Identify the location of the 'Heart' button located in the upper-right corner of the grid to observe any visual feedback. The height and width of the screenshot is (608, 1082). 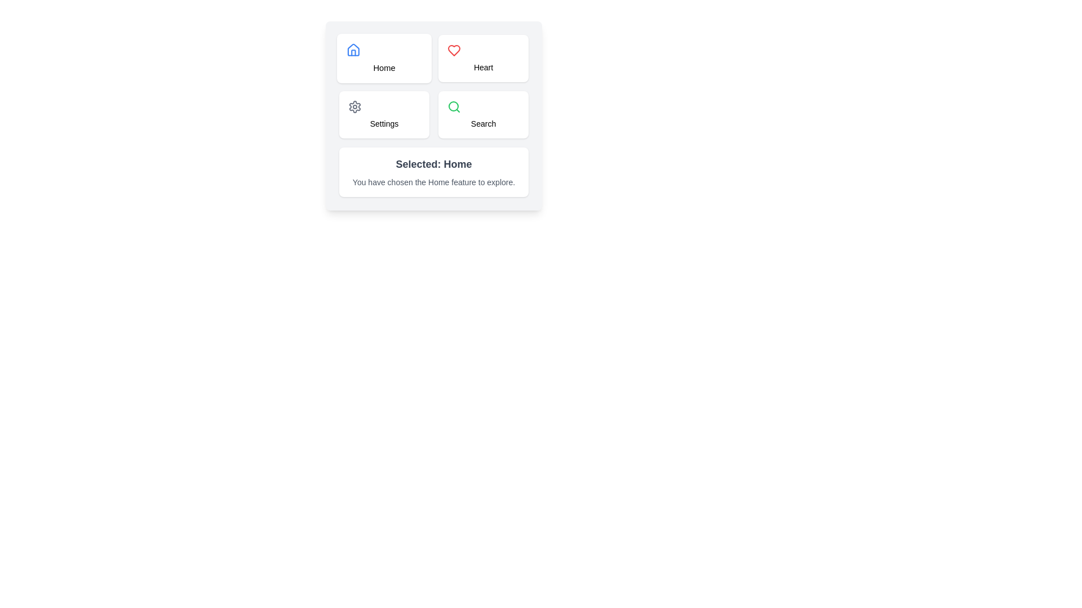
(484, 59).